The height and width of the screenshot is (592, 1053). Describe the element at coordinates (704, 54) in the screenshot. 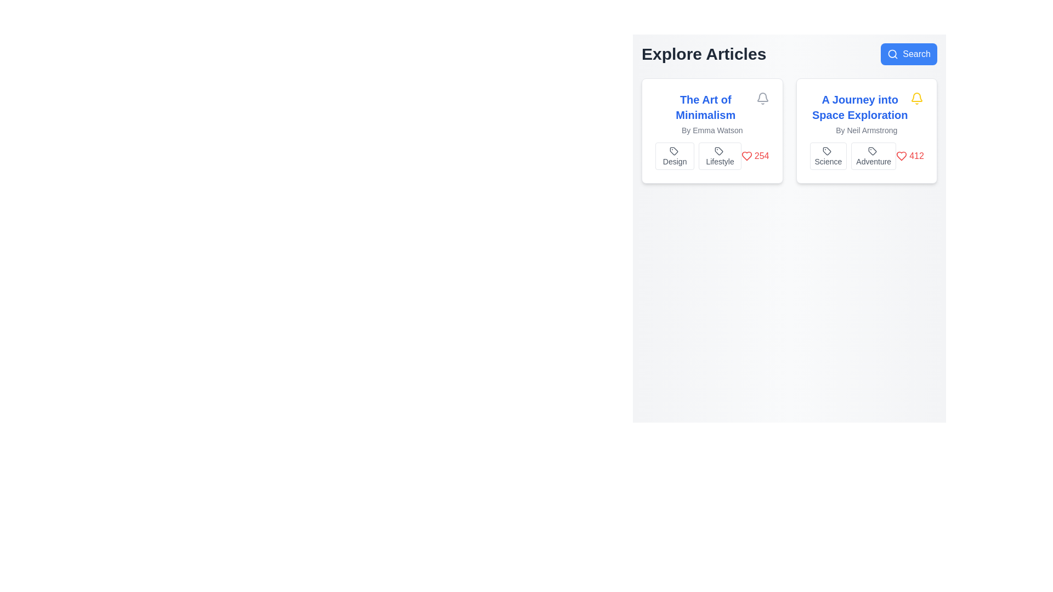

I see `section heading text element located at the top left of the header, which introduces the content area below` at that location.